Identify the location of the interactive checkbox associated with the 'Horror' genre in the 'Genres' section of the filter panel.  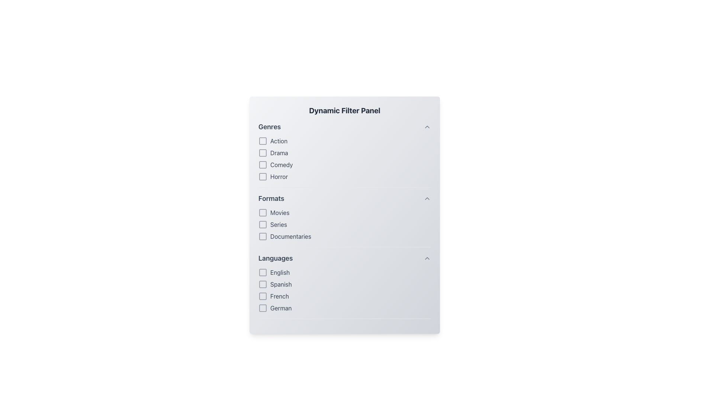
(263, 176).